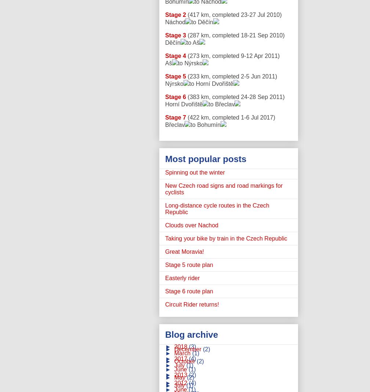 This screenshot has width=370, height=392. What do you see at coordinates (186, 56) in the screenshot?
I see `'(273 km, completed 9-12 Apr 2011)'` at bounding box center [186, 56].